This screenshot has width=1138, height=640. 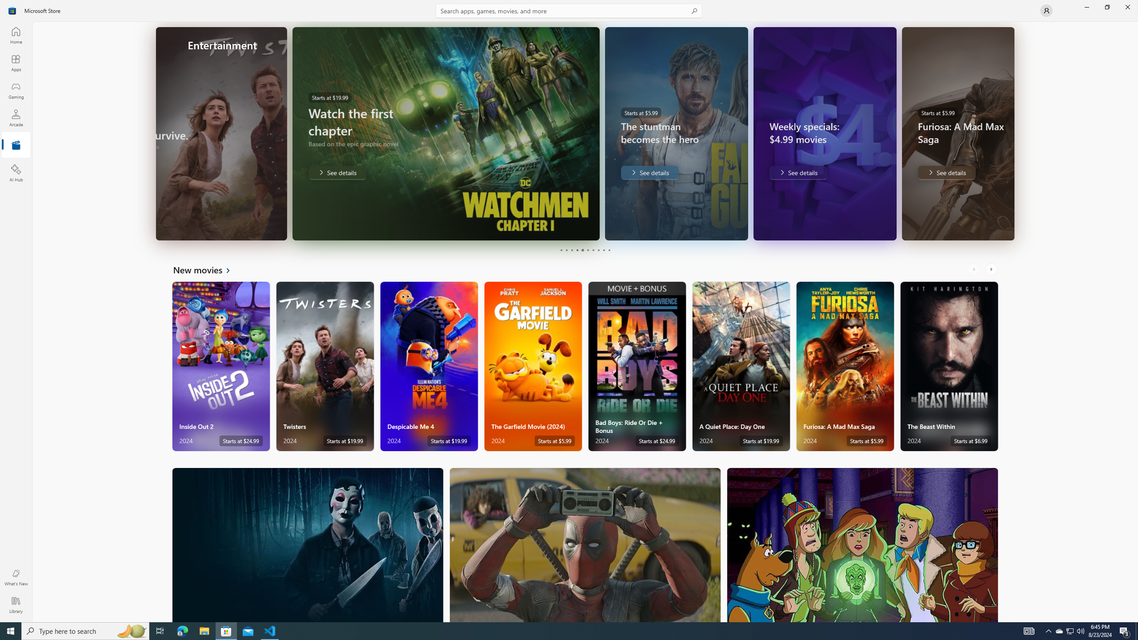 I want to click on 'Close Microsoft Store', so click(x=1127, y=7).